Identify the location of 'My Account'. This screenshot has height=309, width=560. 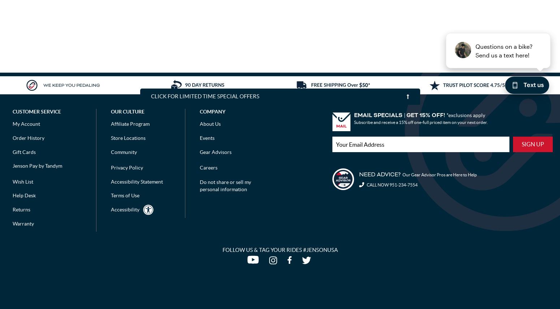
(12, 124).